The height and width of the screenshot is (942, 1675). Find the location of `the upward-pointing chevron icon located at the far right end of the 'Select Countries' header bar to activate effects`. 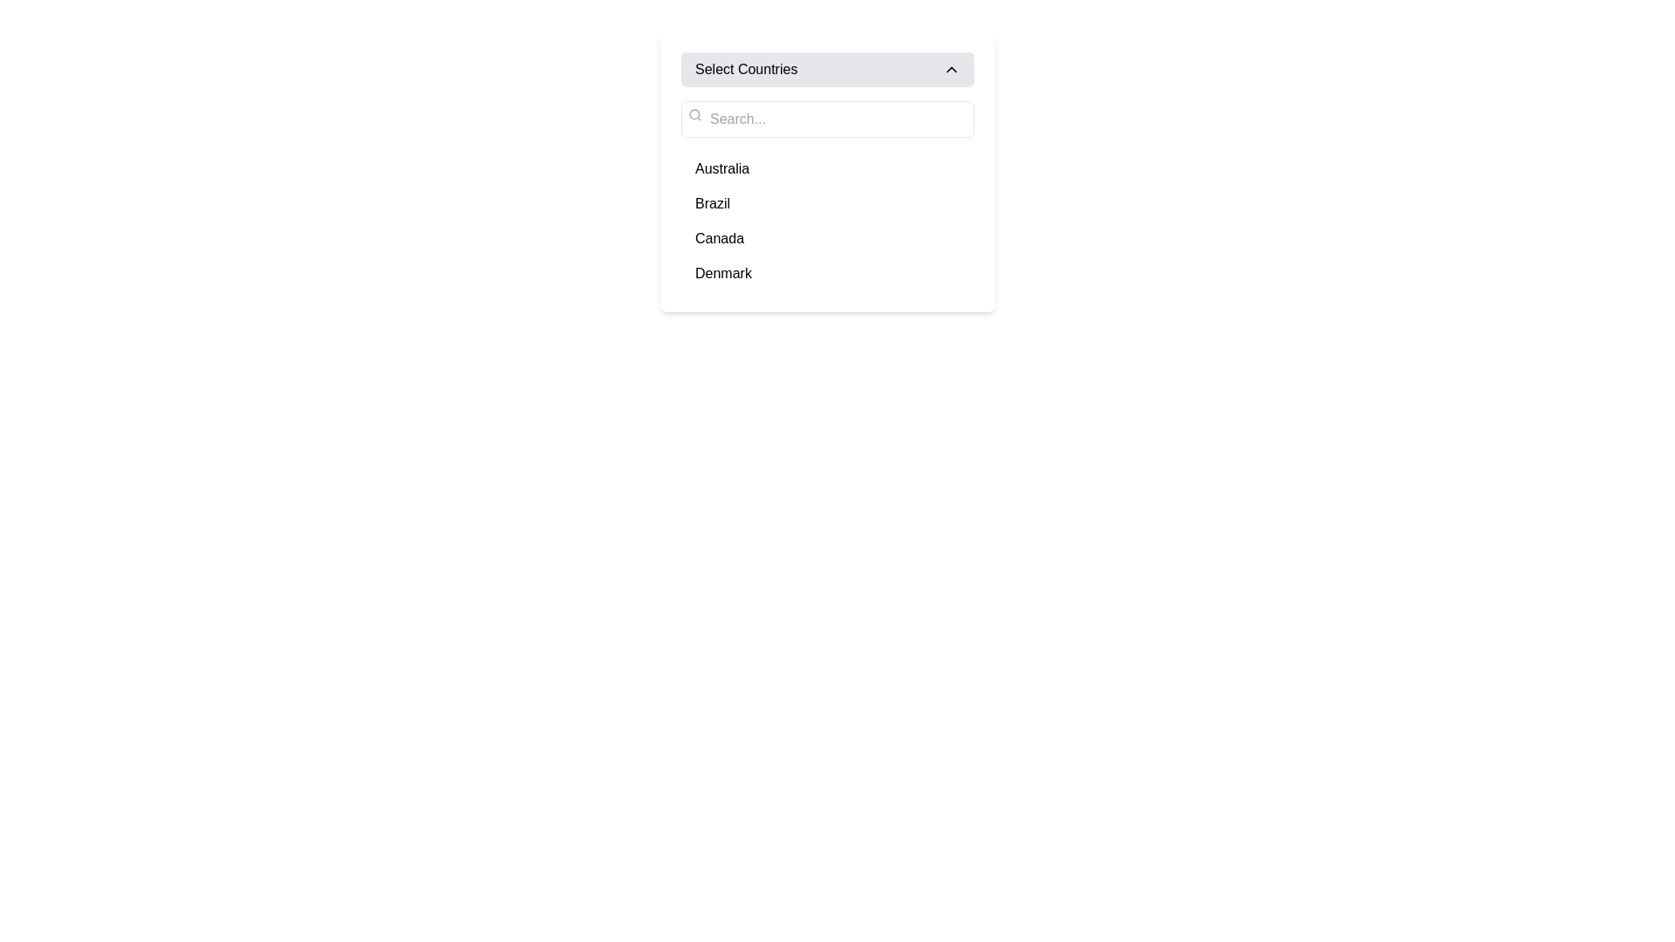

the upward-pointing chevron icon located at the far right end of the 'Select Countries' header bar to activate effects is located at coordinates (950, 69).